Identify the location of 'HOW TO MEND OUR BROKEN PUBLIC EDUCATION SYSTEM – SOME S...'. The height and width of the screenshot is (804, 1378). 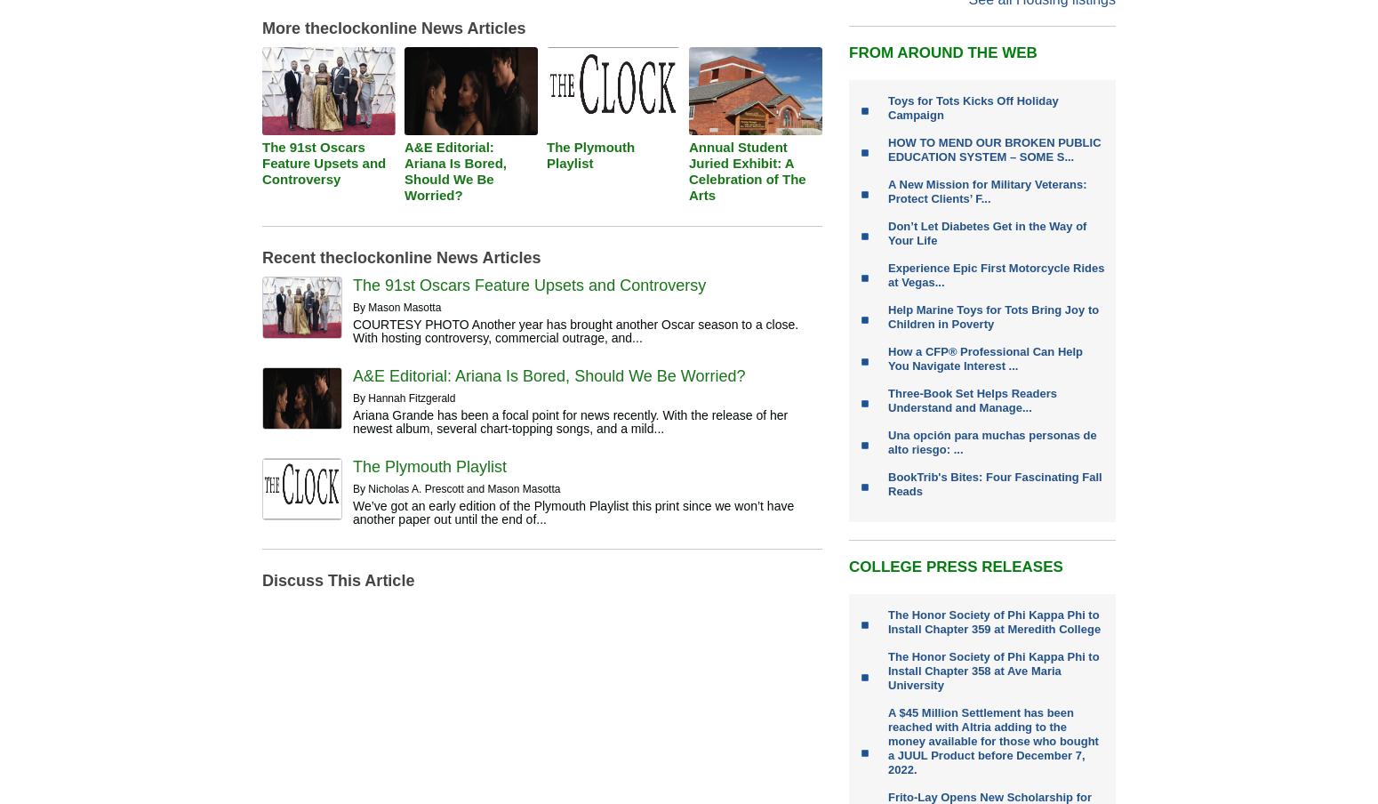
(886, 149).